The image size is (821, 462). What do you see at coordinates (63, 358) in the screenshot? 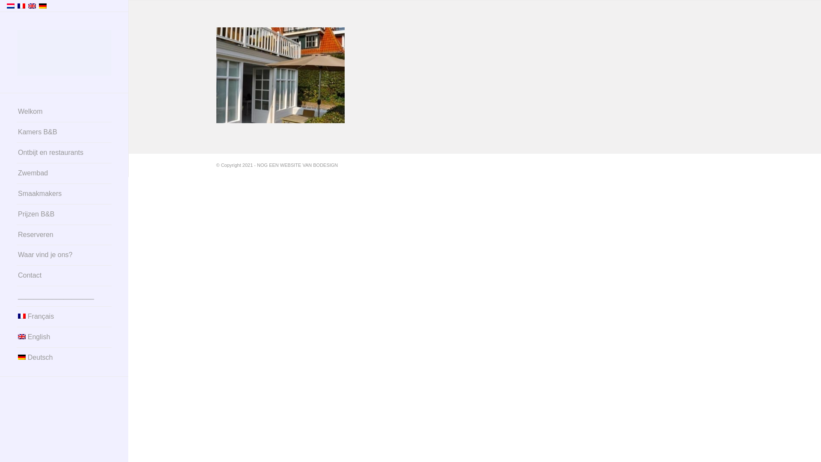
I see `'Deutsch'` at bounding box center [63, 358].